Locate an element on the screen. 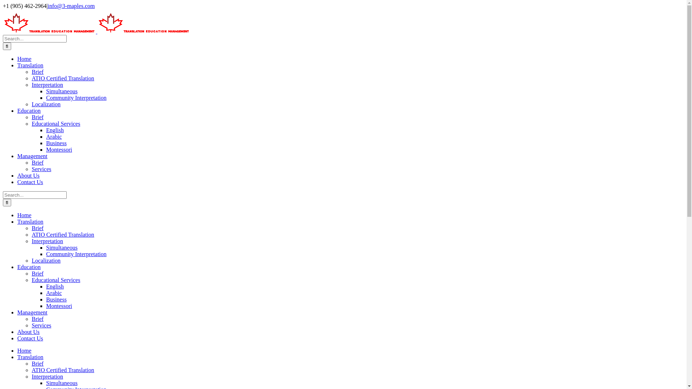 Image resolution: width=692 pixels, height=389 pixels. 'Education' is located at coordinates (29, 267).